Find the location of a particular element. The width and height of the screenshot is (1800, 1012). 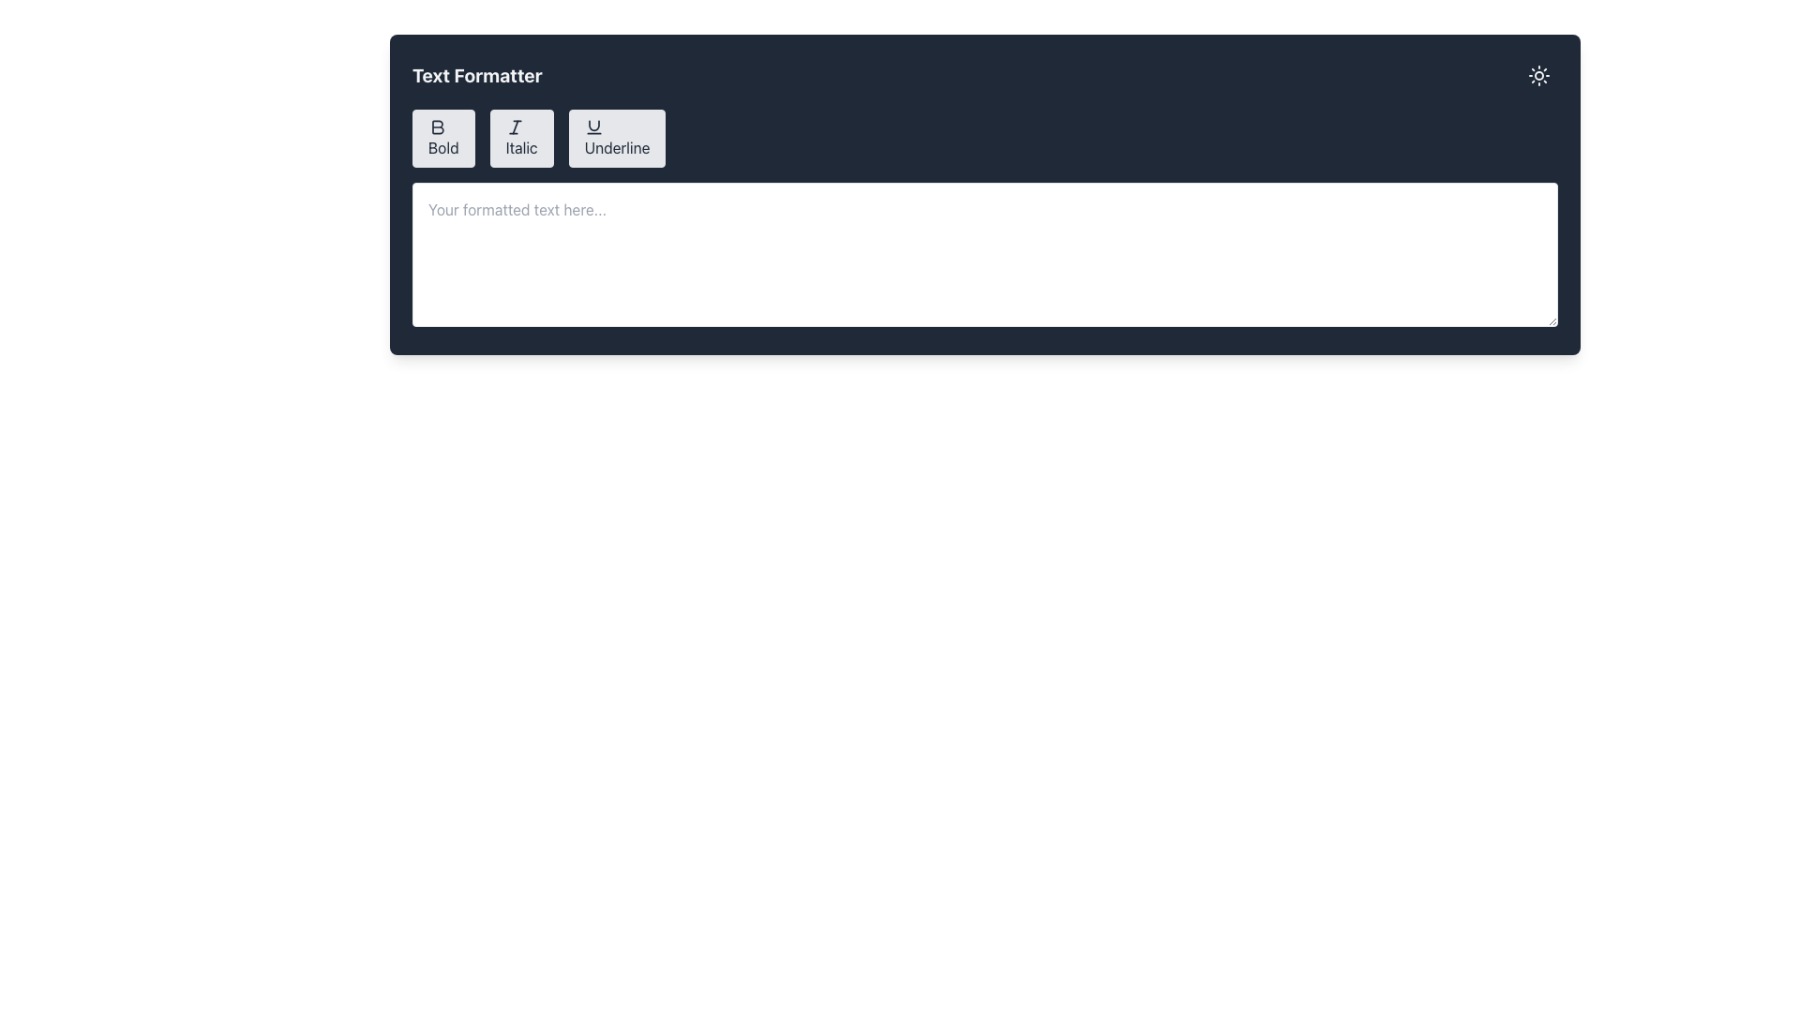

the stylized 'U' icon within the 'Underline' button in the 'Text Formatter' toolbar is located at coordinates (592, 126).